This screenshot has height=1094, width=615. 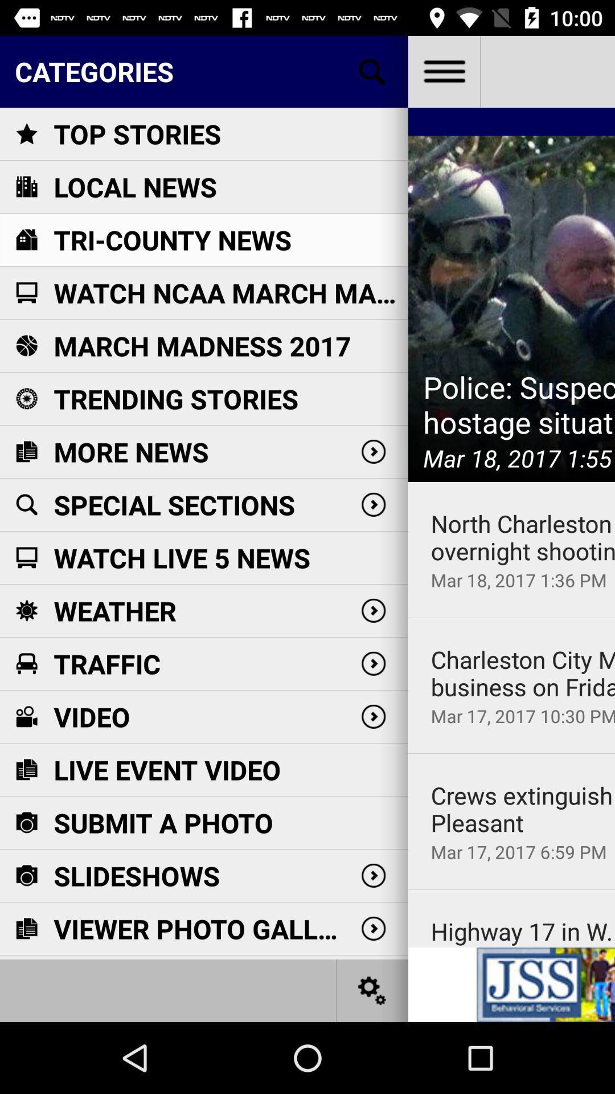 I want to click on open settings, so click(x=372, y=990).